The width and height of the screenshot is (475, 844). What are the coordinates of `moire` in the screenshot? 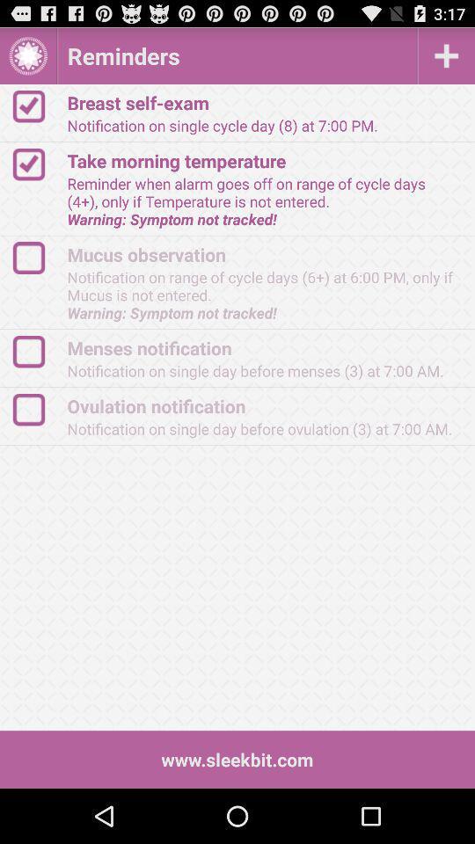 It's located at (446, 55).